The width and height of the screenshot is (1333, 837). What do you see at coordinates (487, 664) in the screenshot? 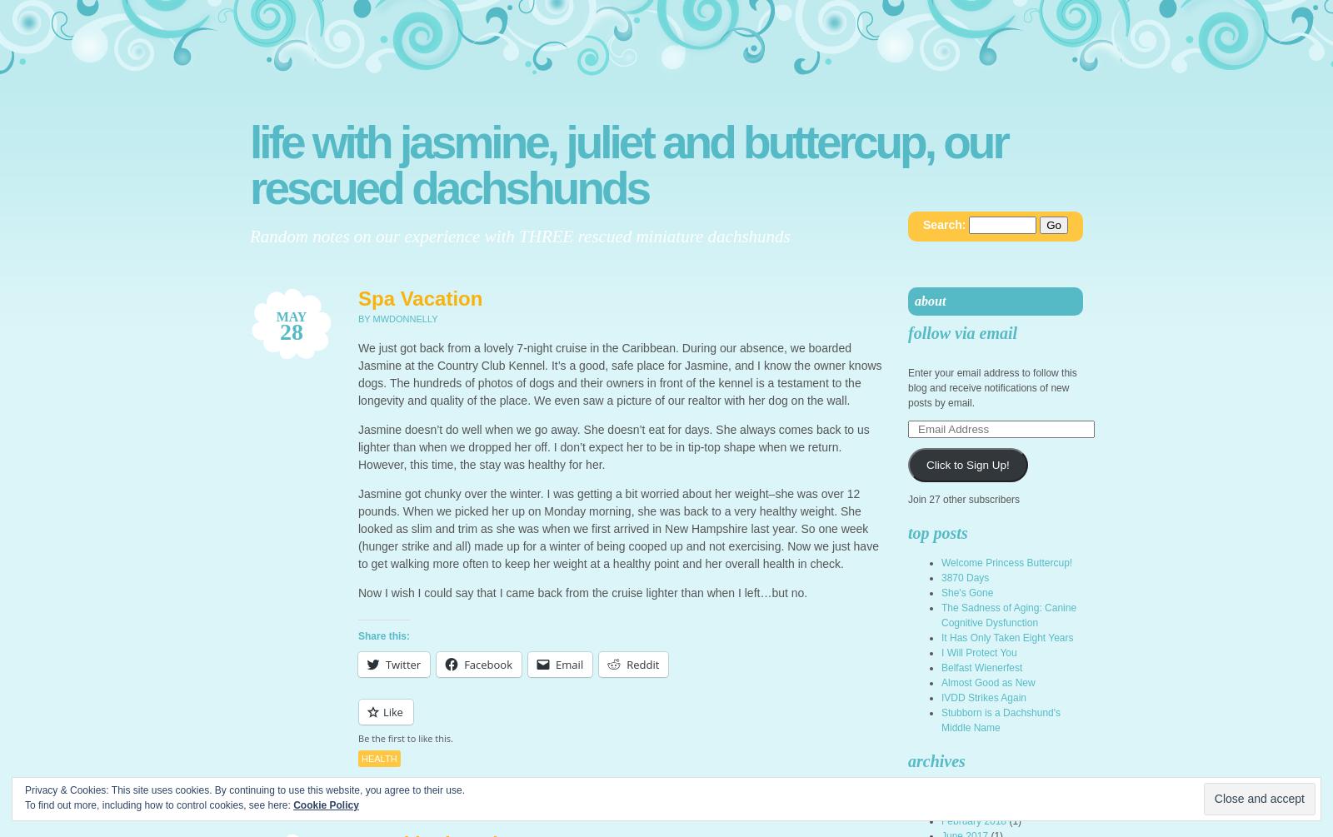
I see `'Facebook'` at bounding box center [487, 664].